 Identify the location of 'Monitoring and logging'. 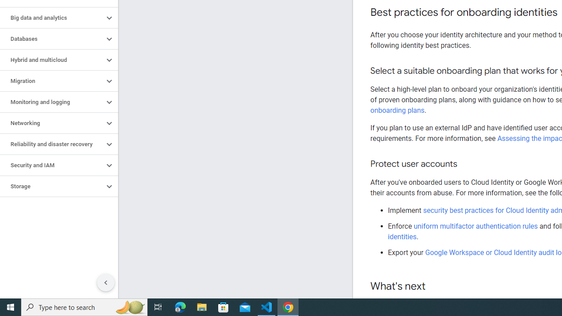
(51, 101).